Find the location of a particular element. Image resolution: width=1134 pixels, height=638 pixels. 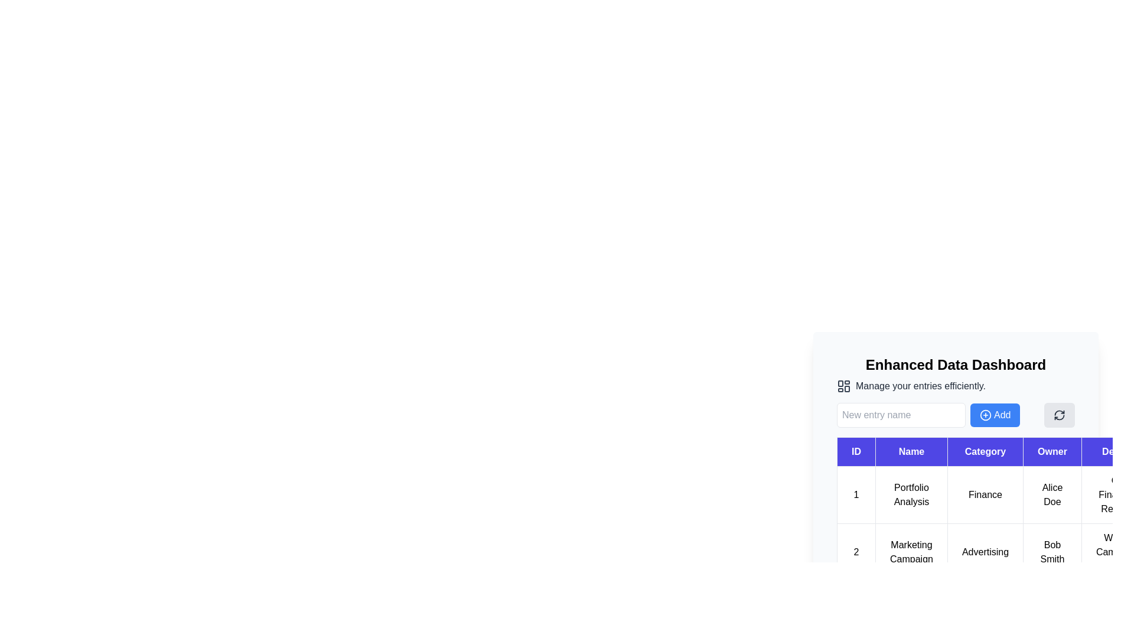

the text input field with placeholder text 'New entry name' is located at coordinates (901, 414).